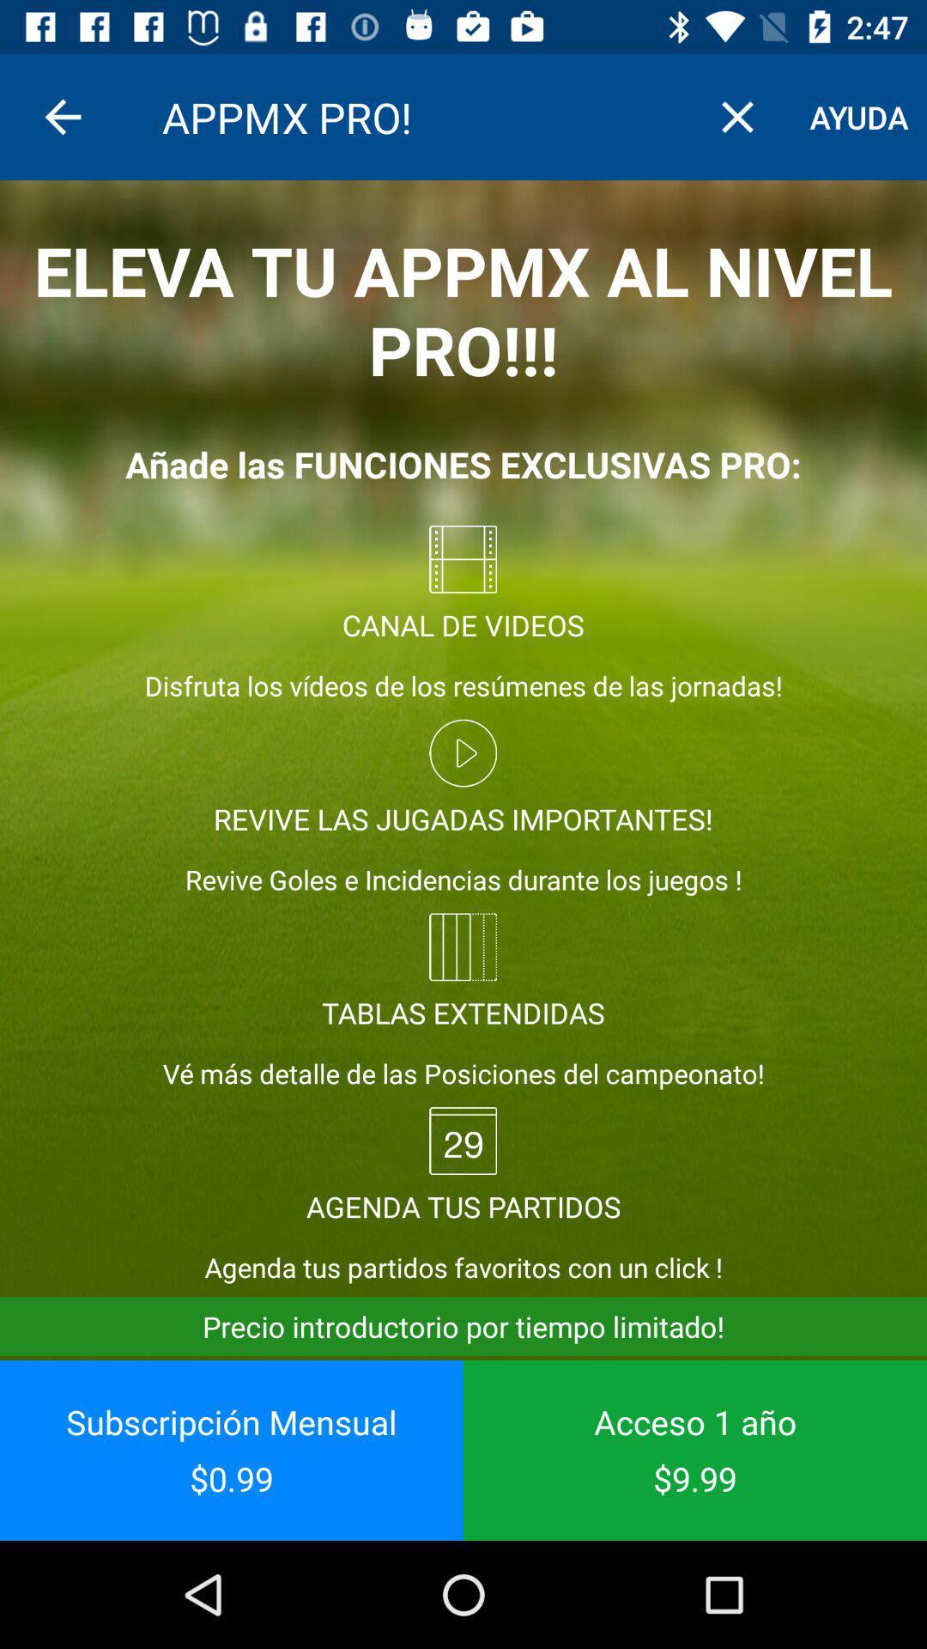  Describe the element at coordinates (736, 116) in the screenshot. I see `icon above eleva tu appmx item` at that location.